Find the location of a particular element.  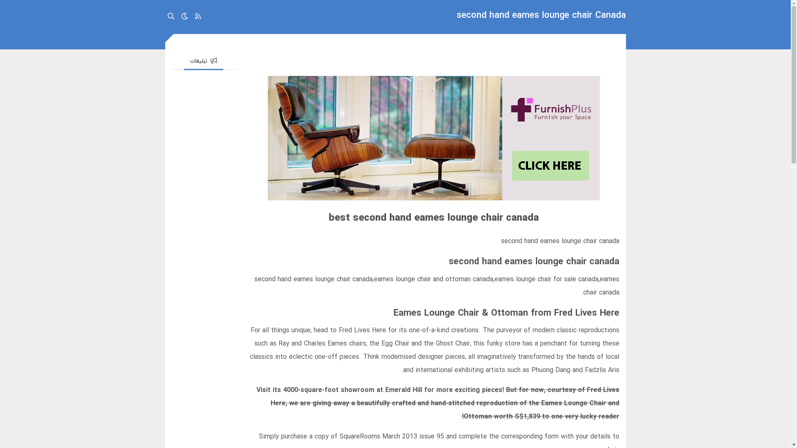

'second hand eames lounge chair Canada' is located at coordinates (541, 17).